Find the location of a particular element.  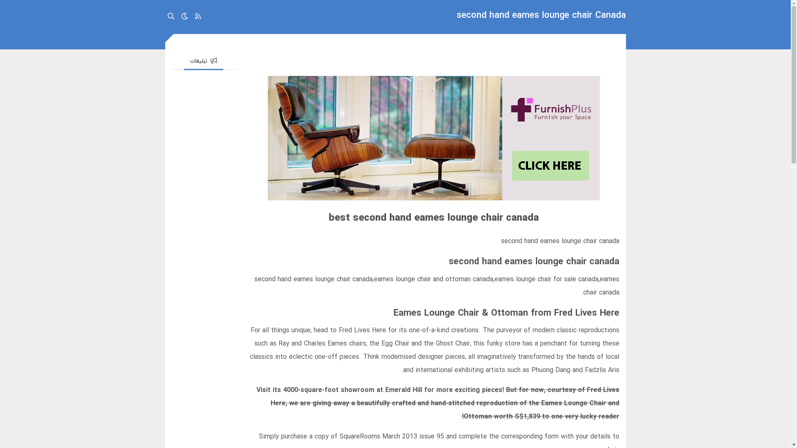

'second hand eames lounge chair Canada' is located at coordinates (541, 17).